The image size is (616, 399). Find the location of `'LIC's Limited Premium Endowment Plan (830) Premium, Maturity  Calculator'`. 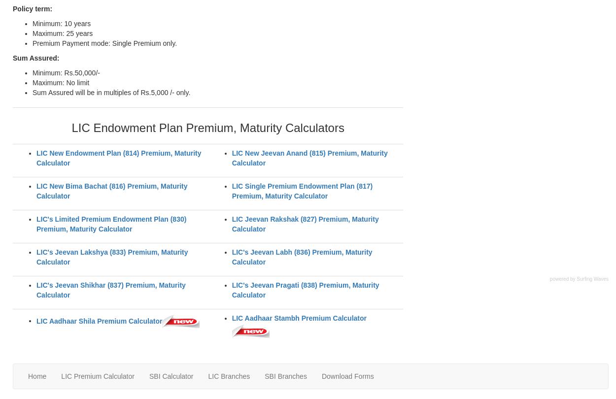

'LIC's Limited Premium Endowment Plan (830) Premium, Maturity  Calculator' is located at coordinates (110, 224).